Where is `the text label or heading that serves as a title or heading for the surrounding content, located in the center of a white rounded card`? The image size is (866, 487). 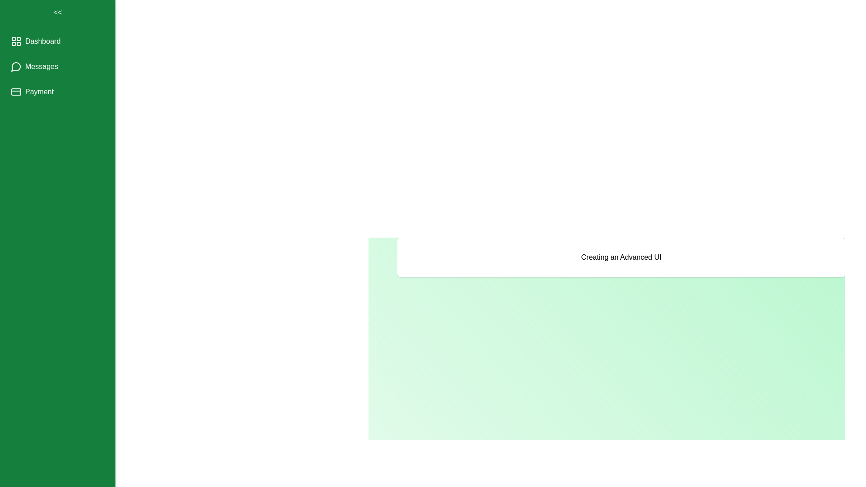
the text label or heading that serves as a title or heading for the surrounding content, located in the center of a white rounded card is located at coordinates (621, 257).